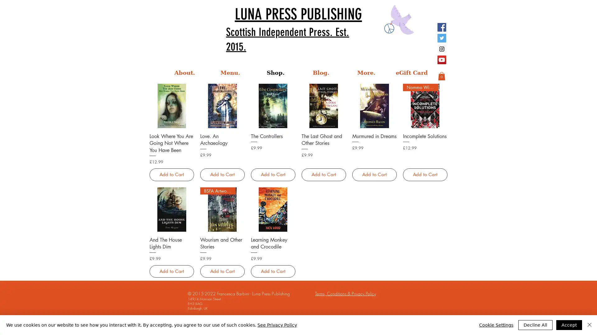 This screenshot has height=335, width=597. What do you see at coordinates (222, 271) in the screenshot?
I see `Add to Cart` at bounding box center [222, 271].